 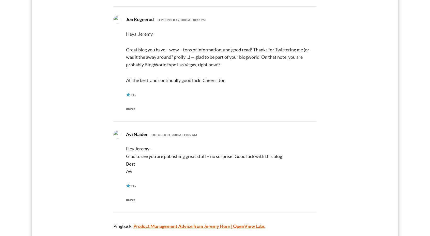 What do you see at coordinates (137, 134) in the screenshot?
I see `'Avi Naider'` at bounding box center [137, 134].